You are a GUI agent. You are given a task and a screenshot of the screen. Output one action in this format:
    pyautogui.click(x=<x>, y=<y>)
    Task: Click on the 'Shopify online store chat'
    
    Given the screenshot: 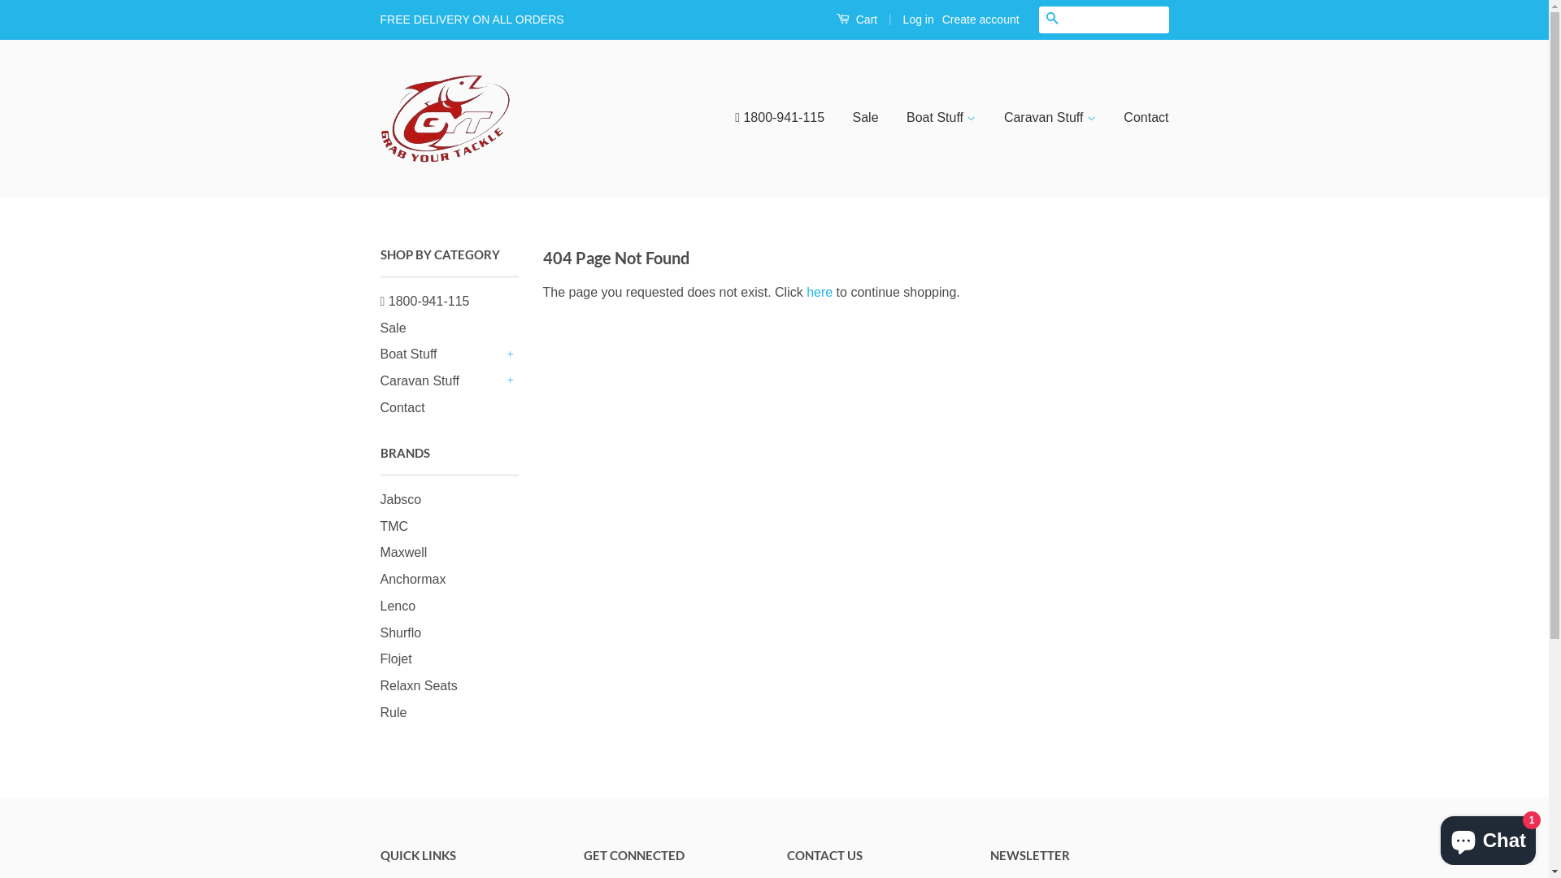 What is the action you would take?
    pyautogui.click(x=1488, y=837)
    